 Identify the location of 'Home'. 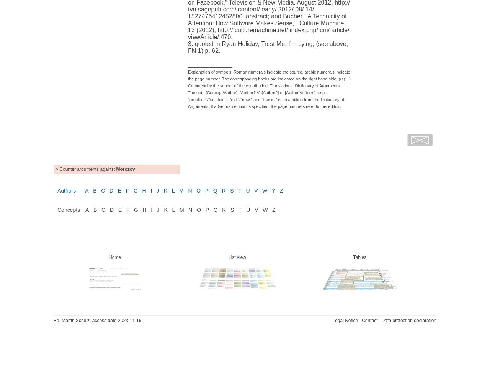
(114, 257).